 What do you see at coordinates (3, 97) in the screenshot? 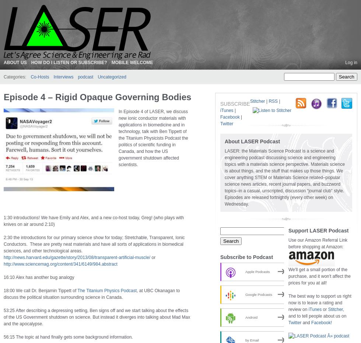
I see `'Episode 4 – Rigid Opaque Governing Bodies'` at bounding box center [3, 97].